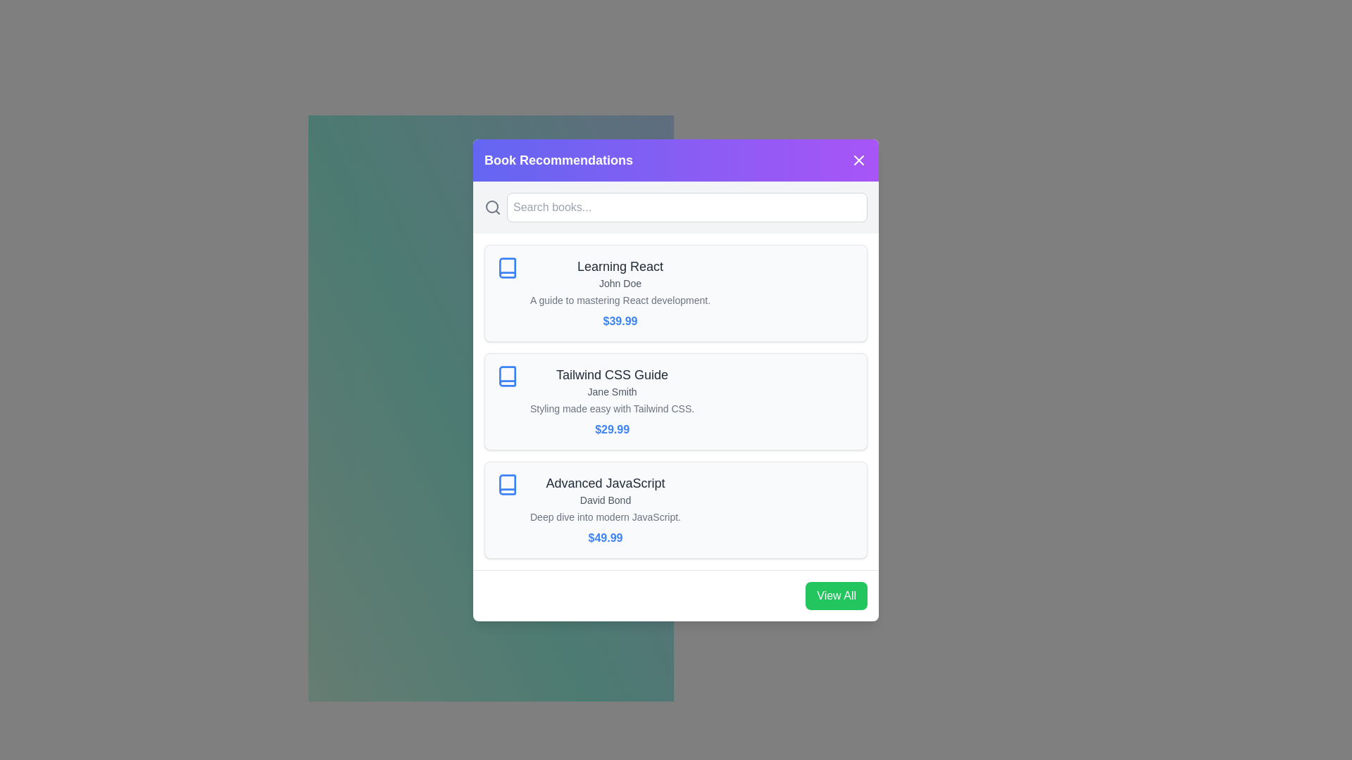  What do you see at coordinates (612, 391) in the screenshot?
I see `the text label displaying the name 'Jane Smith', which is styled in grey and positioned below the title 'Tailwind CSS Guide' within the 'Book Recommendations' modal` at bounding box center [612, 391].